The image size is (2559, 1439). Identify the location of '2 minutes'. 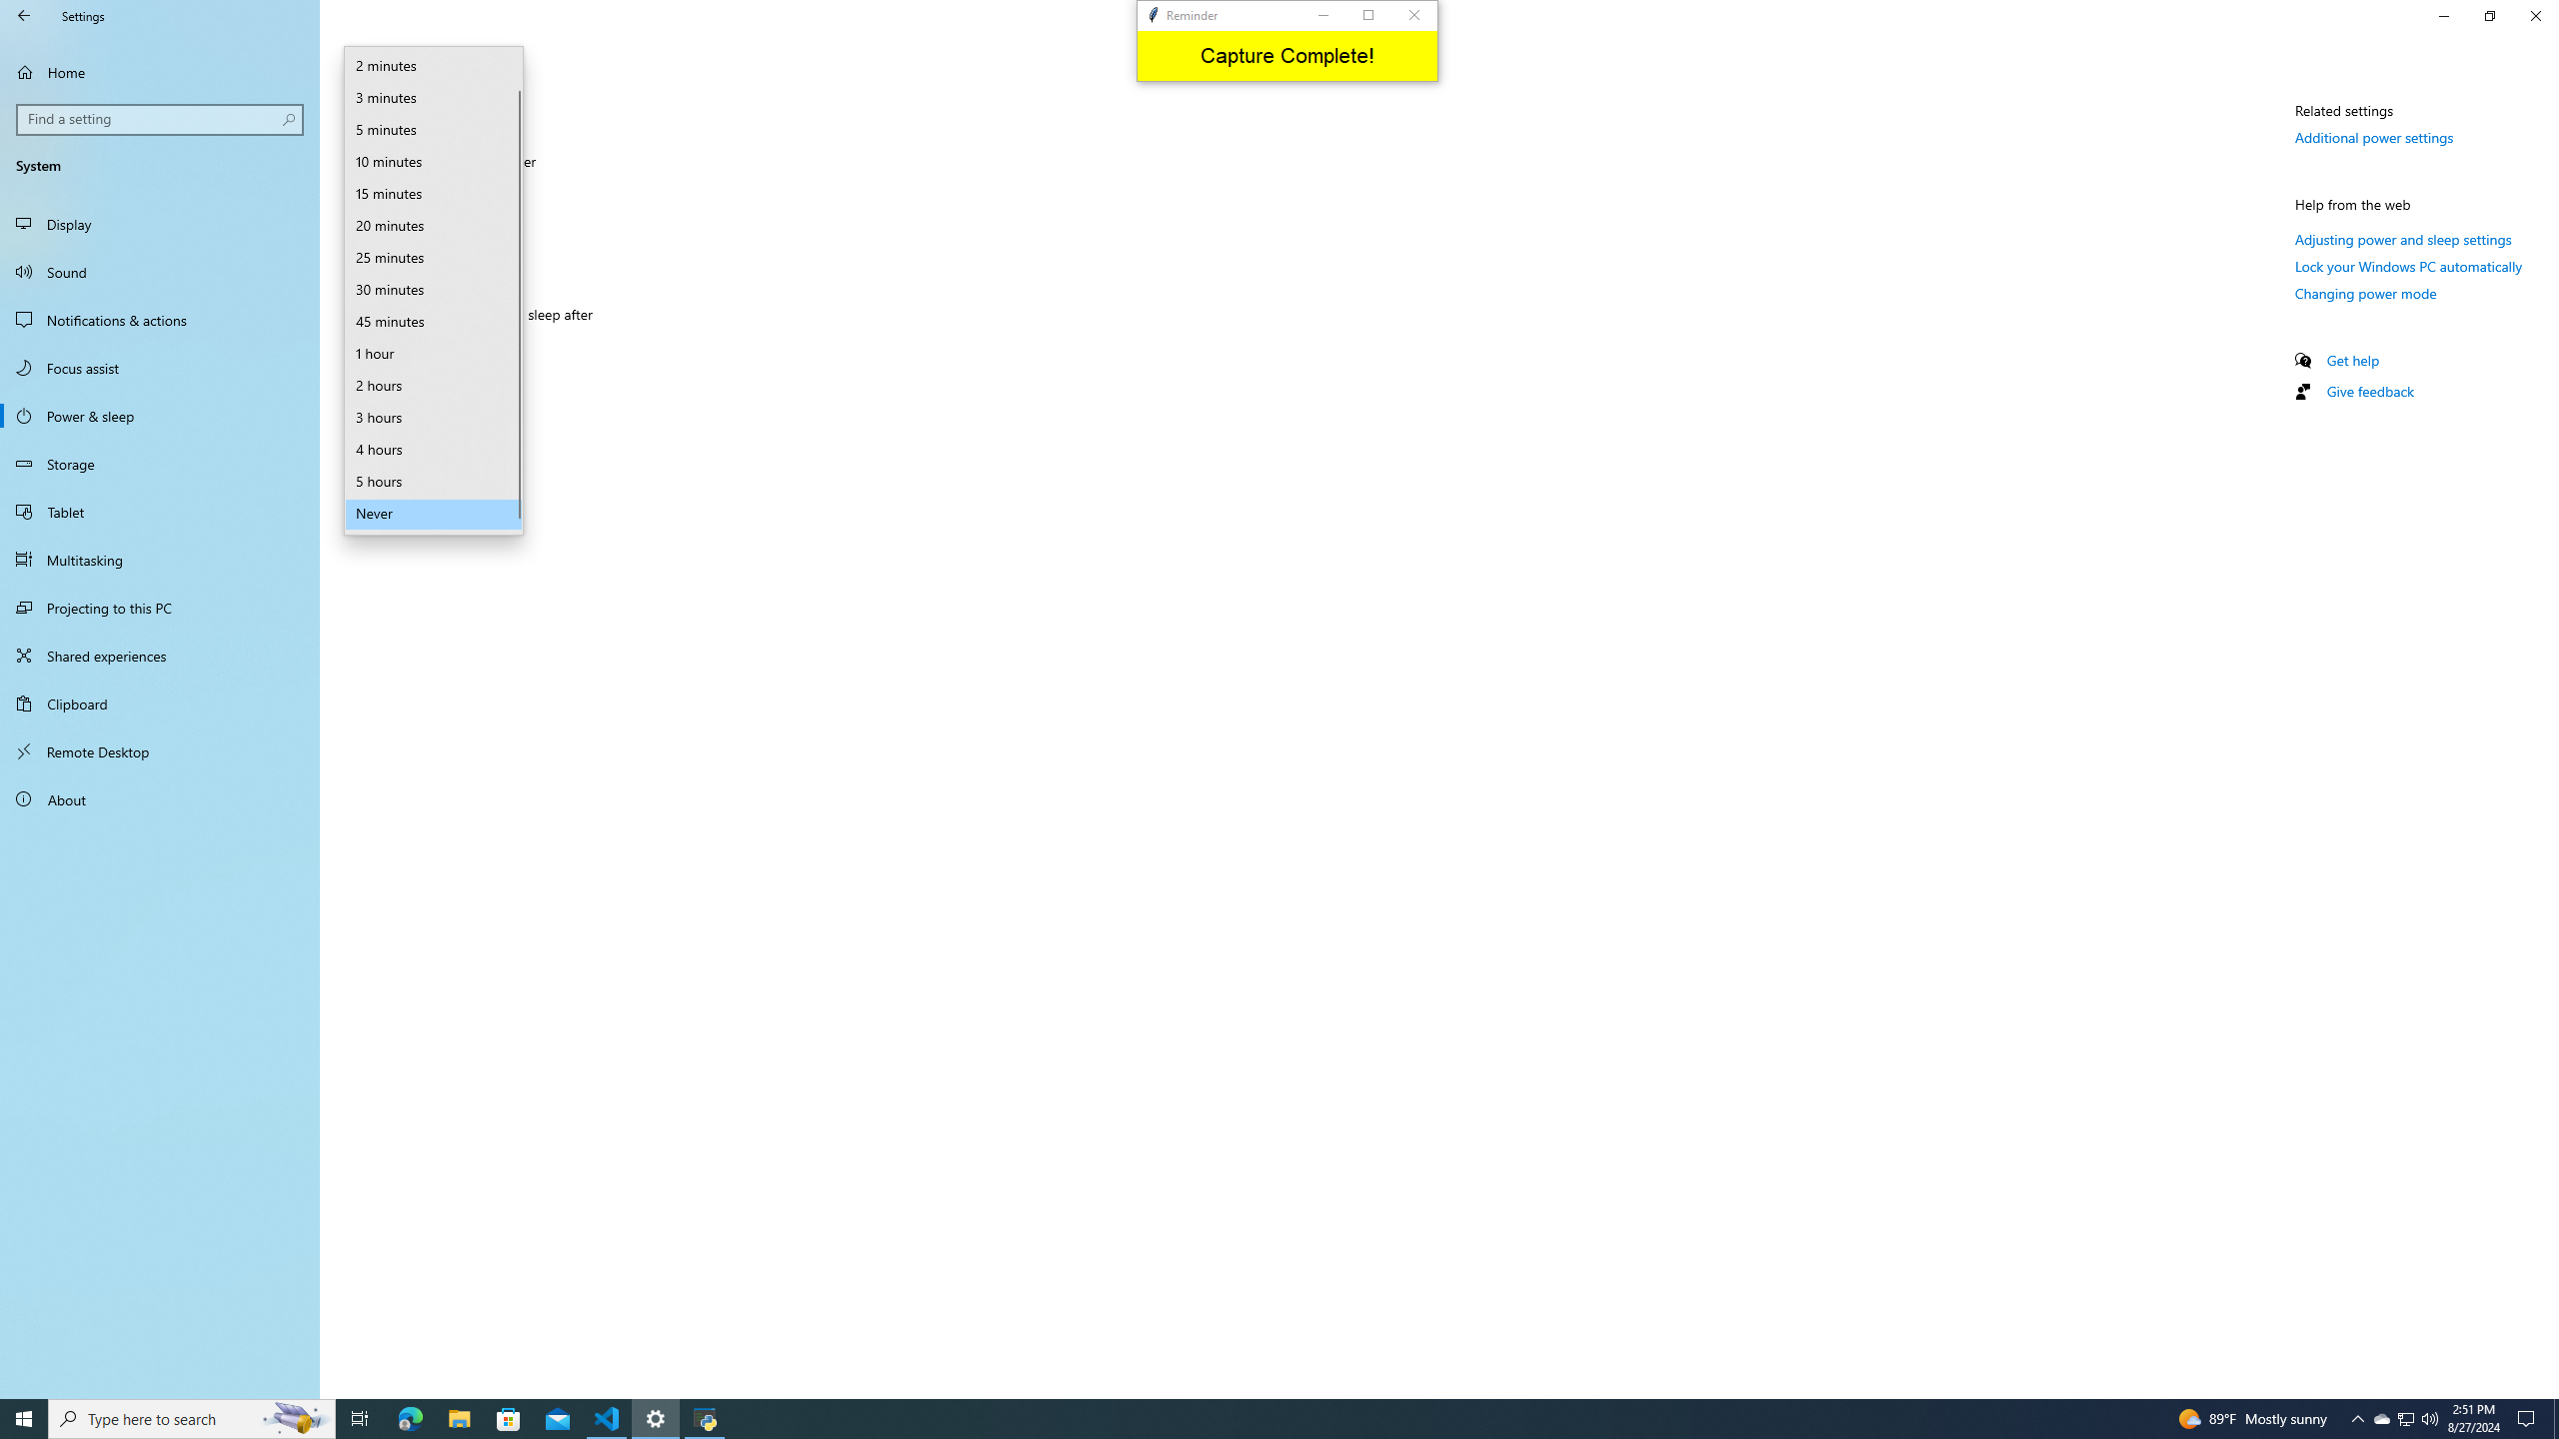
(432, 65).